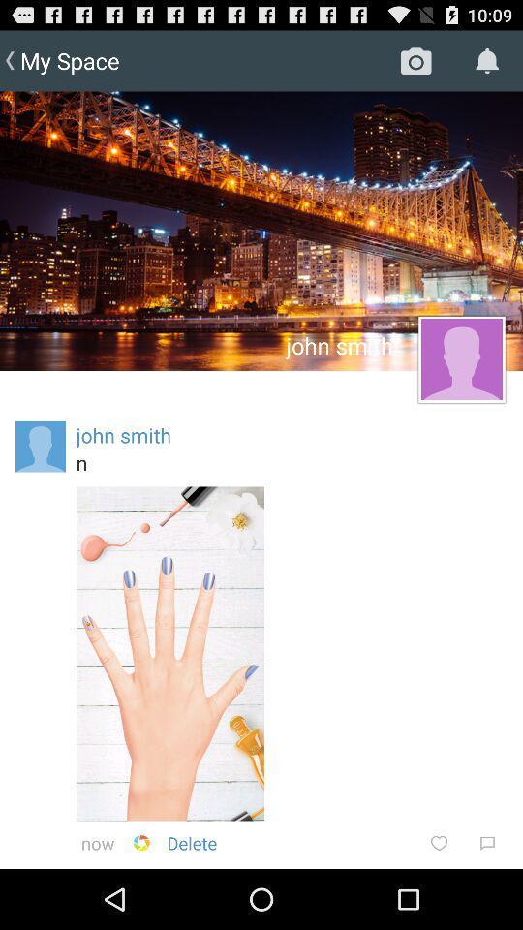 The height and width of the screenshot is (930, 523). What do you see at coordinates (460, 358) in the screenshot?
I see `image icon beside john smith text` at bounding box center [460, 358].